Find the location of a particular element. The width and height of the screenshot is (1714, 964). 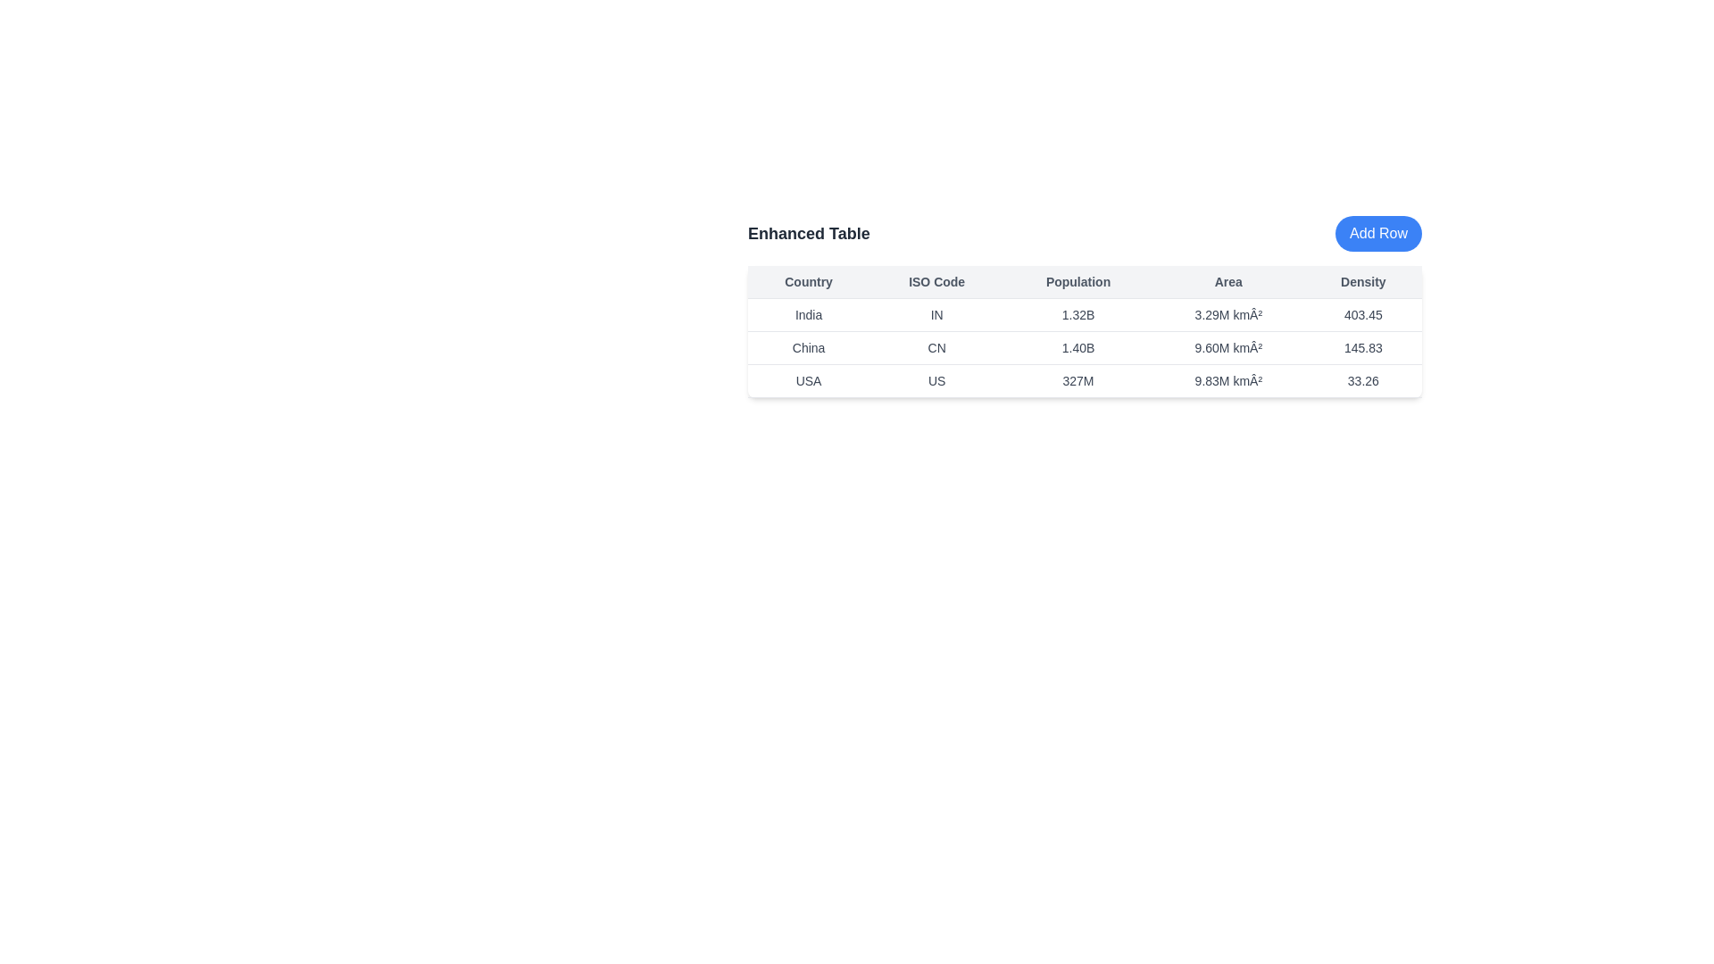

displayed data in the third row of the 'Enhanced Table', which contains attributes like population and area for the USA, located below the rows for India and China is located at coordinates (1084, 380).